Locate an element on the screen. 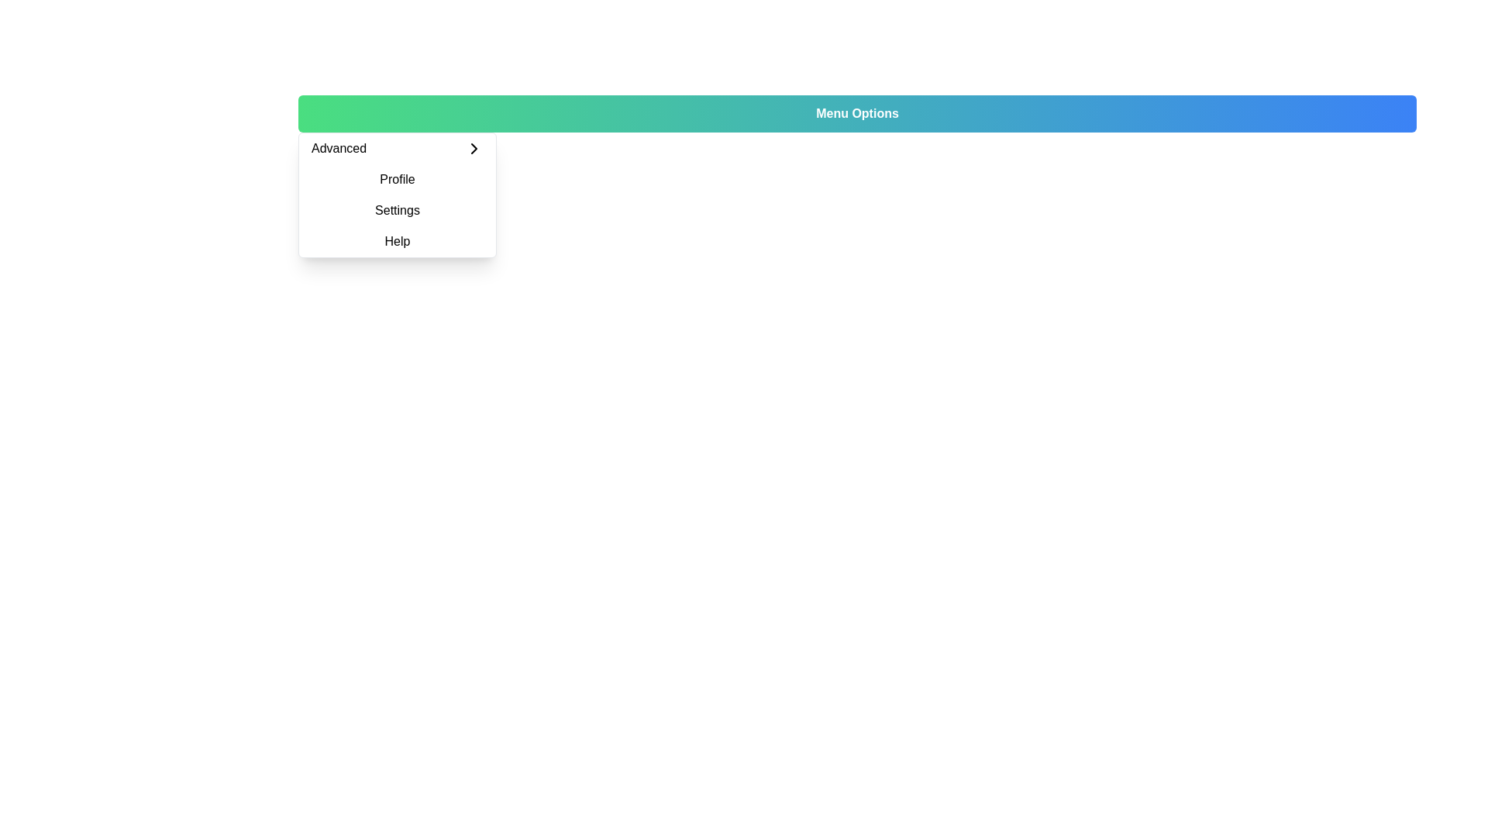  the Navigation Bar / Header, which serves as the menu header indicating available options such as 'Advanced', 'Profile', 'Settings', and 'Help' is located at coordinates (856, 112).